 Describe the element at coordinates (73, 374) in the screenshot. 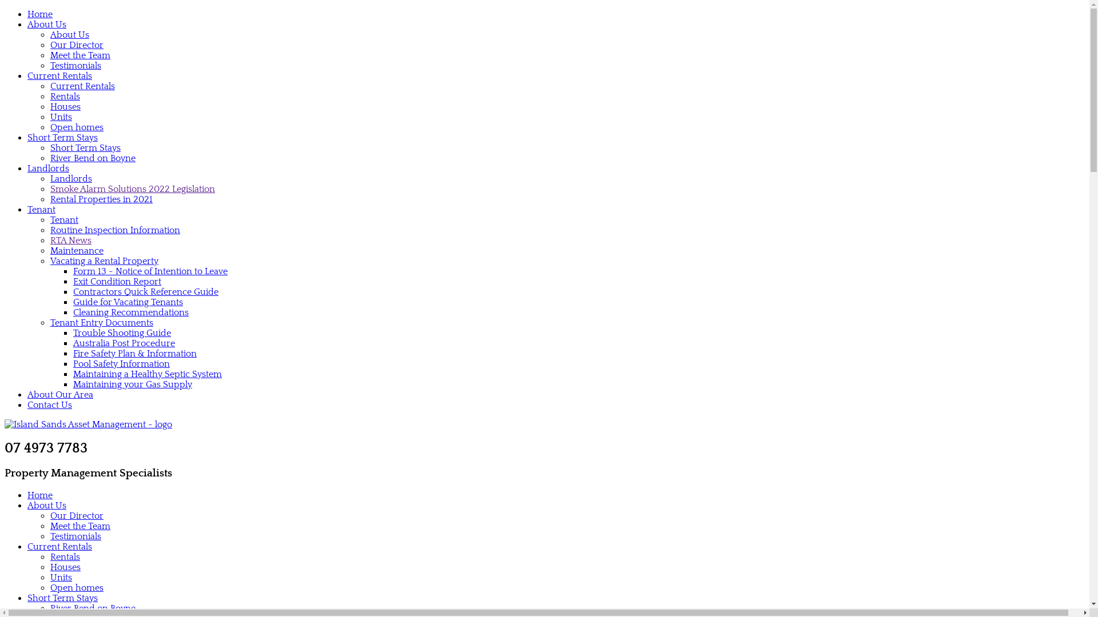

I see `'Maintaining a Healthy Septic System'` at that location.